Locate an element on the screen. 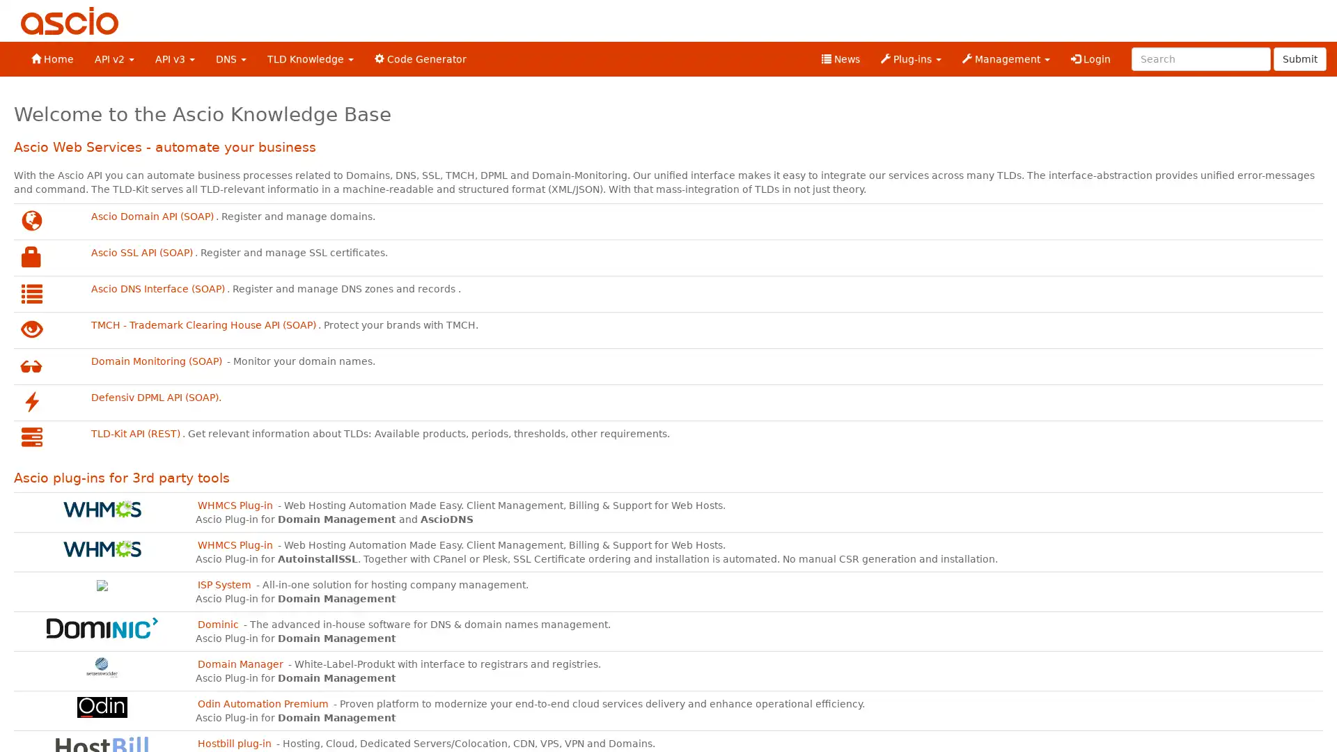 The image size is (1337, 752). Submit is located at coordinates (1299, 58).